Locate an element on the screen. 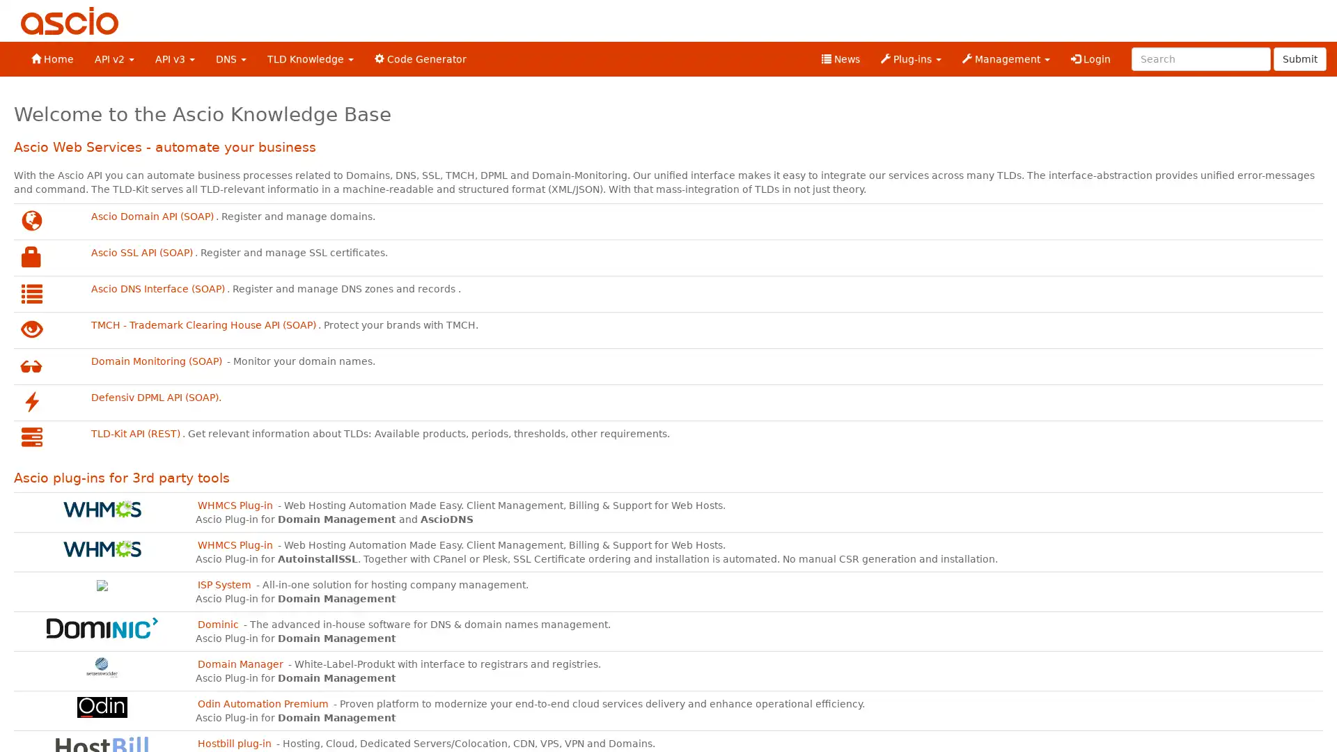 The image size is (1337, 752). Submit is located at coordinates (1299, 58).